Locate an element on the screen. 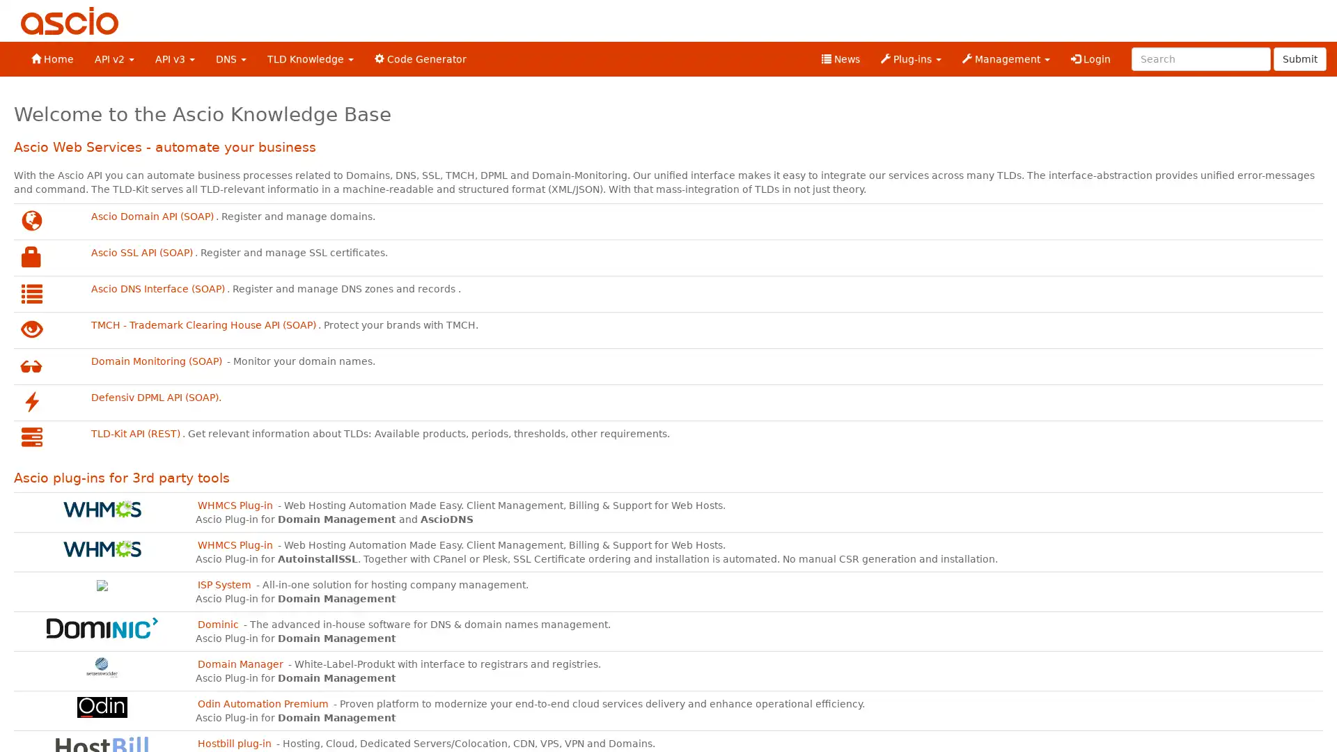 The image size is (1337, 752). Submit is located at coordinates (1299, 58).